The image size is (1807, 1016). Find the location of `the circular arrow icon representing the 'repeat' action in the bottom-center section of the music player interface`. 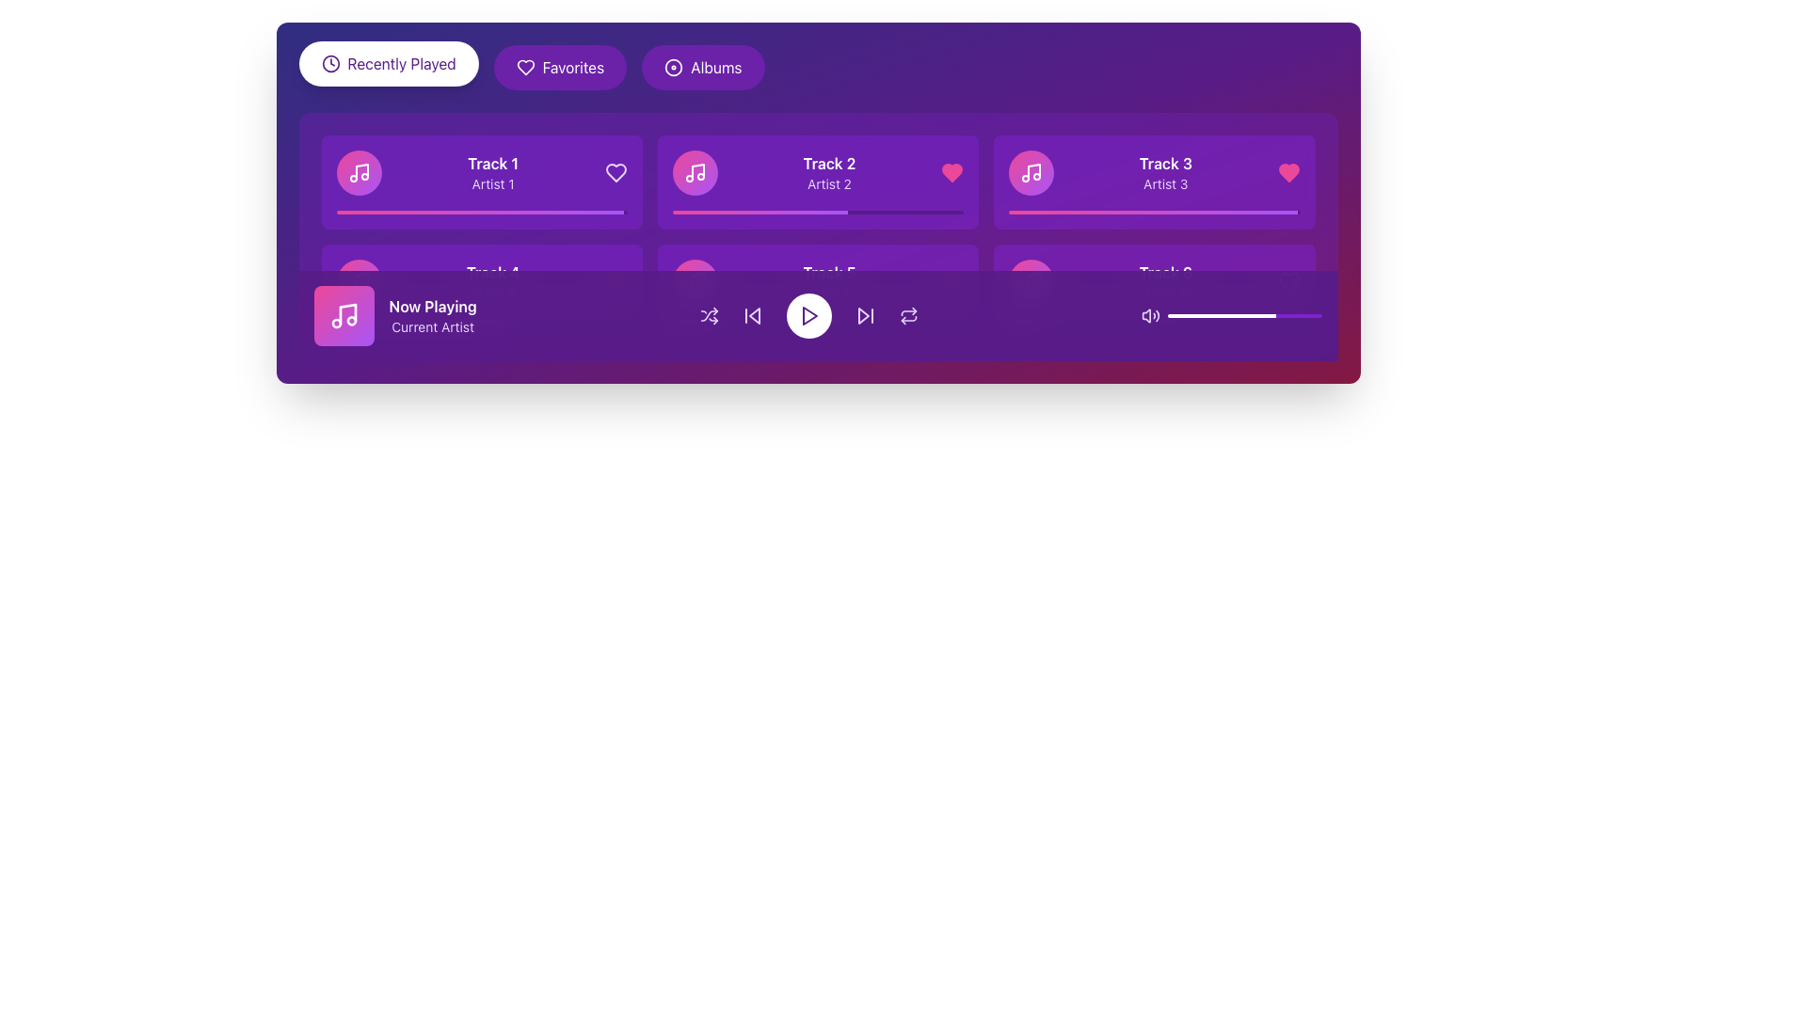

the circular arrow icon representing the 'repeat' action in the bottom-center section of the music player interface is located at coordinates (909, 314).